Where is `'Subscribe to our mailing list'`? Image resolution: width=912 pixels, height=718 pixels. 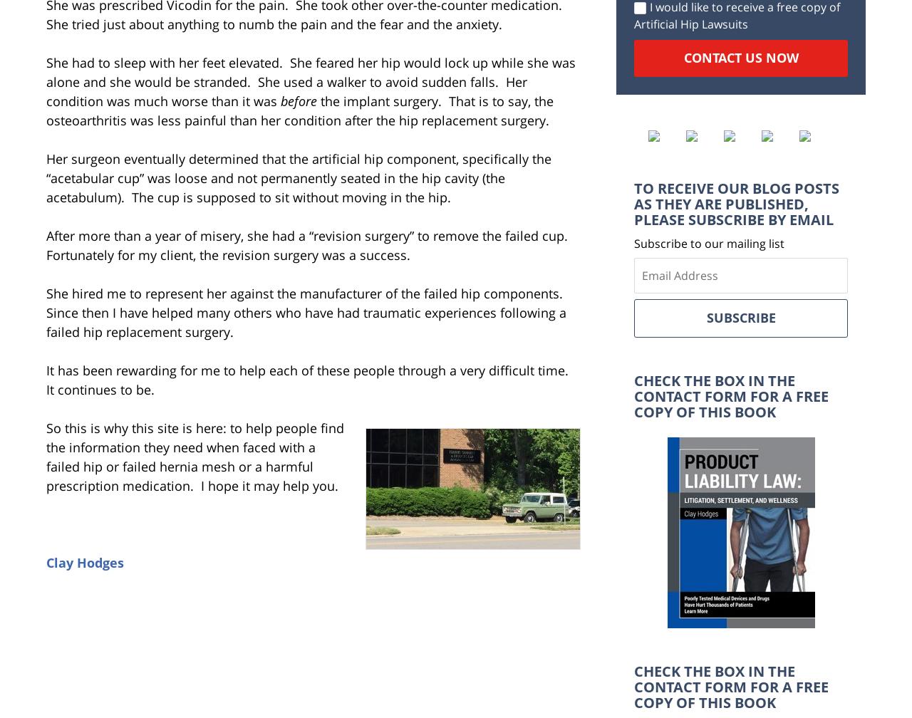
'Subscribe to our mailing list' is located at coordinates (709, 243).